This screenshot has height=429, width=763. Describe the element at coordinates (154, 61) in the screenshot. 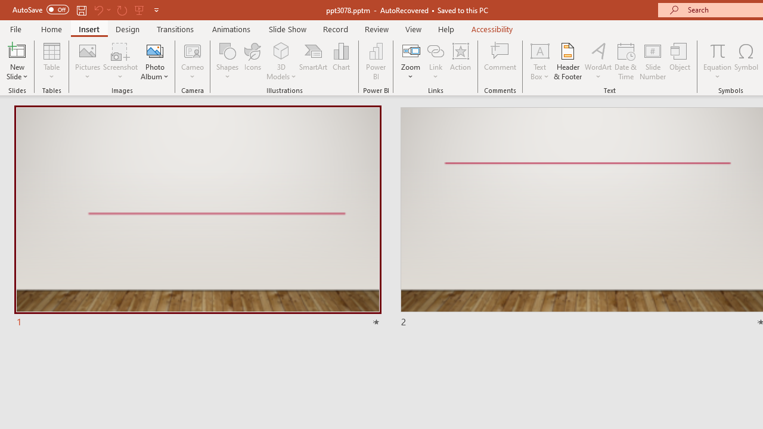

I see `'Photo Album...'` at that location.